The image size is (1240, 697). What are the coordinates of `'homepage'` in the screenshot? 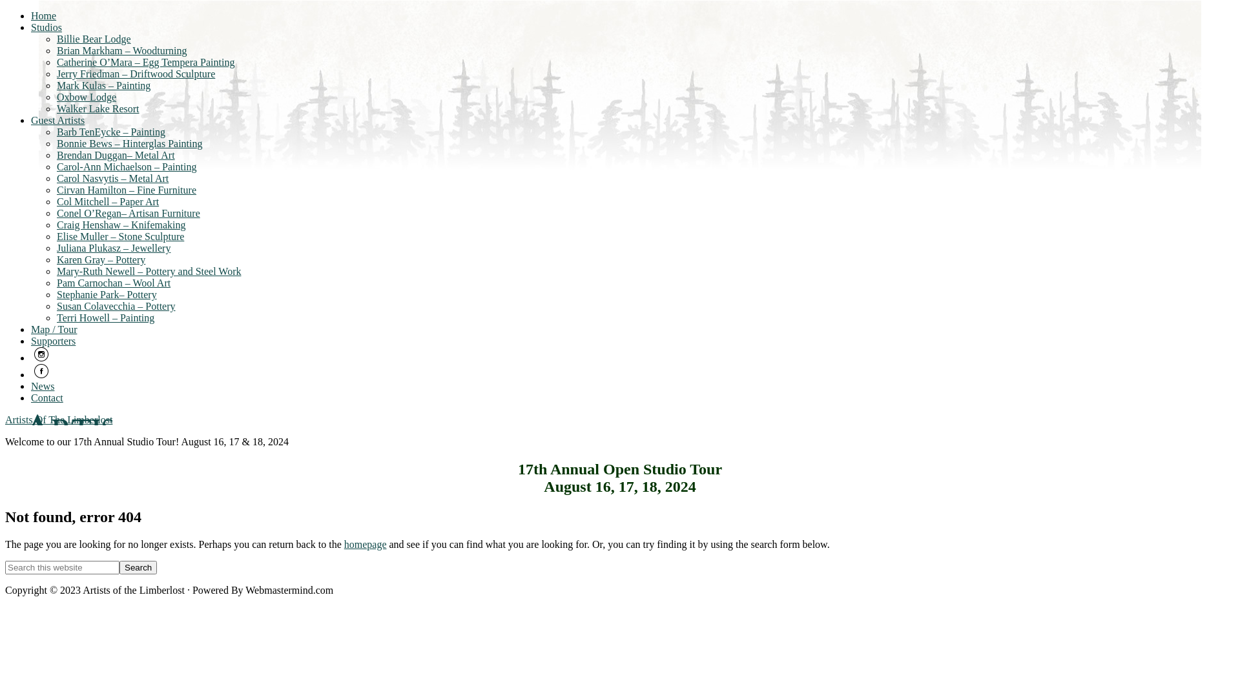 It's located at (365, 544).